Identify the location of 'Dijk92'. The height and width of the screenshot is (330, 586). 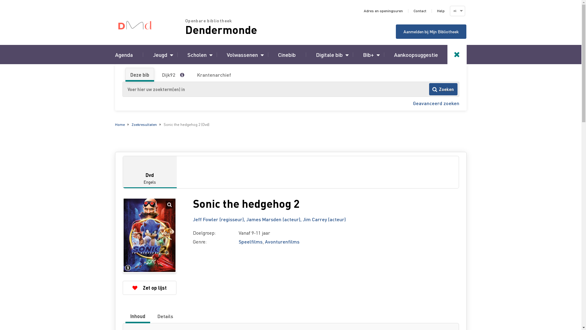
(168, 75).